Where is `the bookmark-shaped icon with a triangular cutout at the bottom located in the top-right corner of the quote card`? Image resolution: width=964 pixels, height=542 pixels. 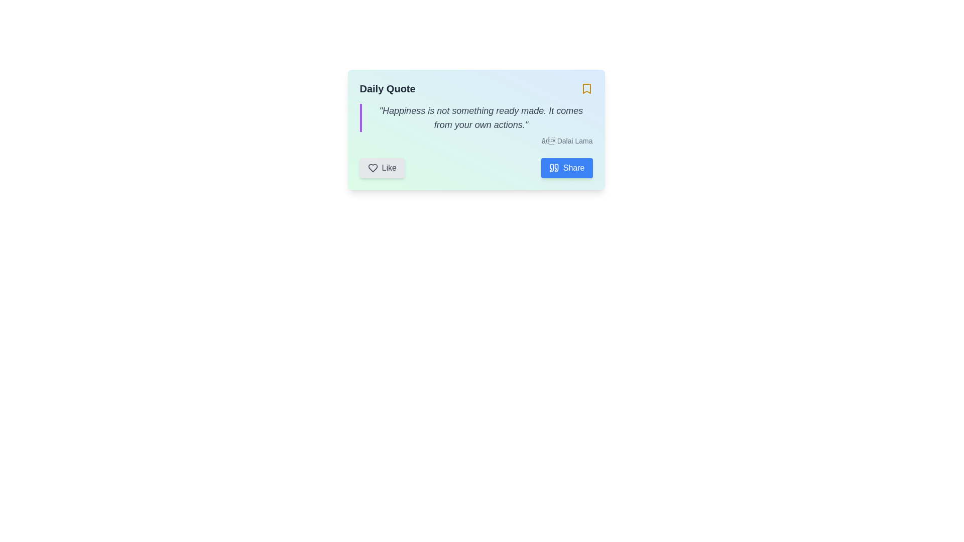
the bookmark-shaped icon with a triangular cutout at the bottom located in the top-right corner of the quote card is located at coordinates (586, 88).